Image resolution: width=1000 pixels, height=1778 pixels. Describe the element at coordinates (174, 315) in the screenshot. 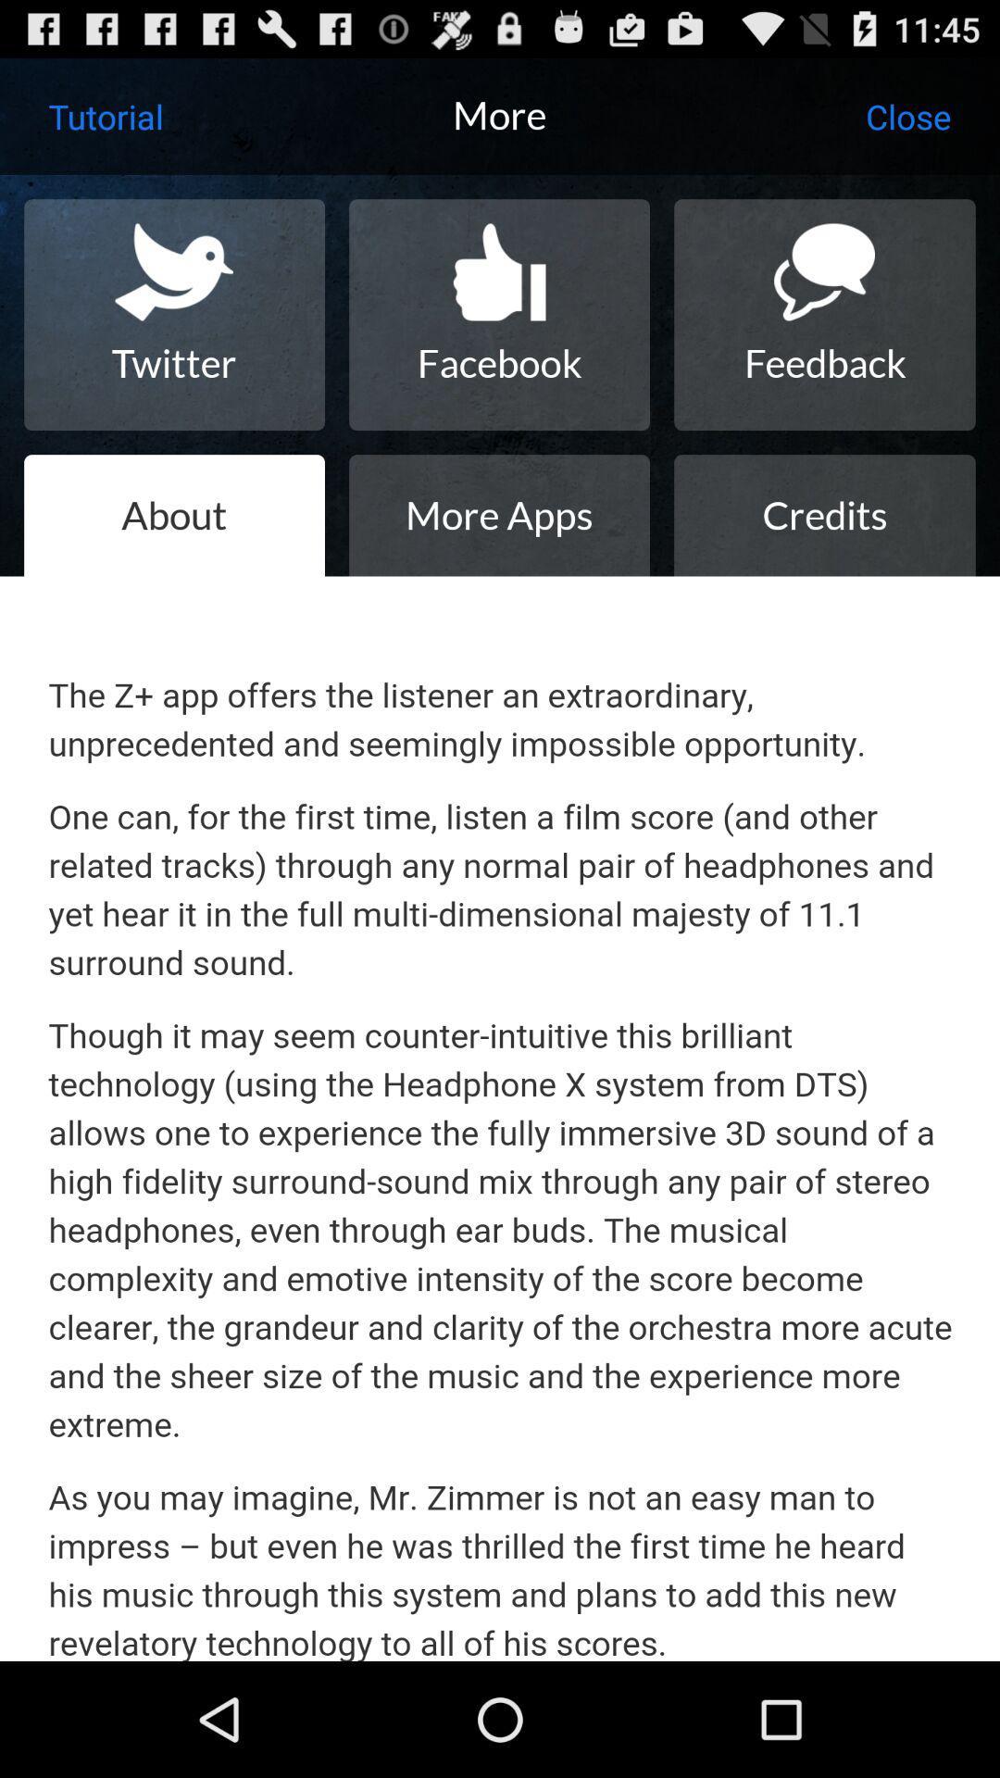

I see `item next to the facebook` at that location.